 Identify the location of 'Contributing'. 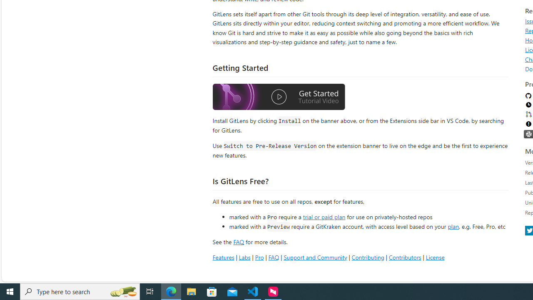
(367, 257).